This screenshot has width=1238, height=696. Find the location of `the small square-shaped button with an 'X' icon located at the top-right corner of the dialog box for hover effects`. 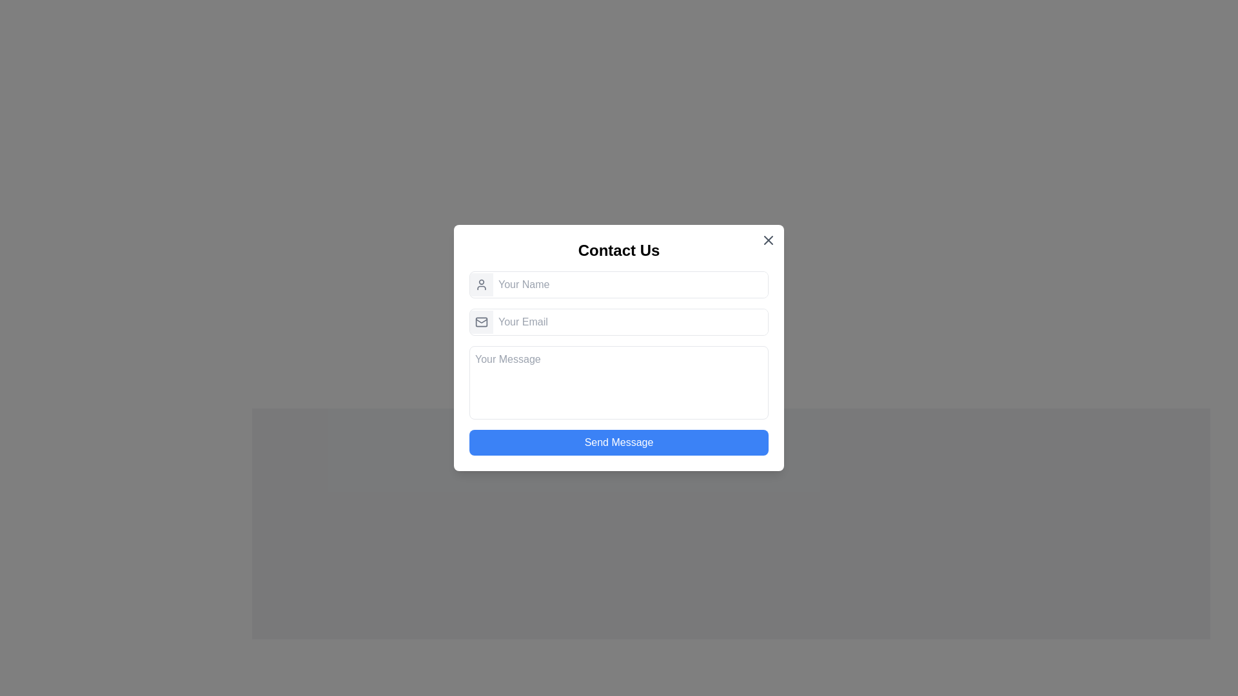

the small square-shaped button with an 'X' icon located at the top-right corner of the dialog box for hover effects is located at coordinates (768, 240).